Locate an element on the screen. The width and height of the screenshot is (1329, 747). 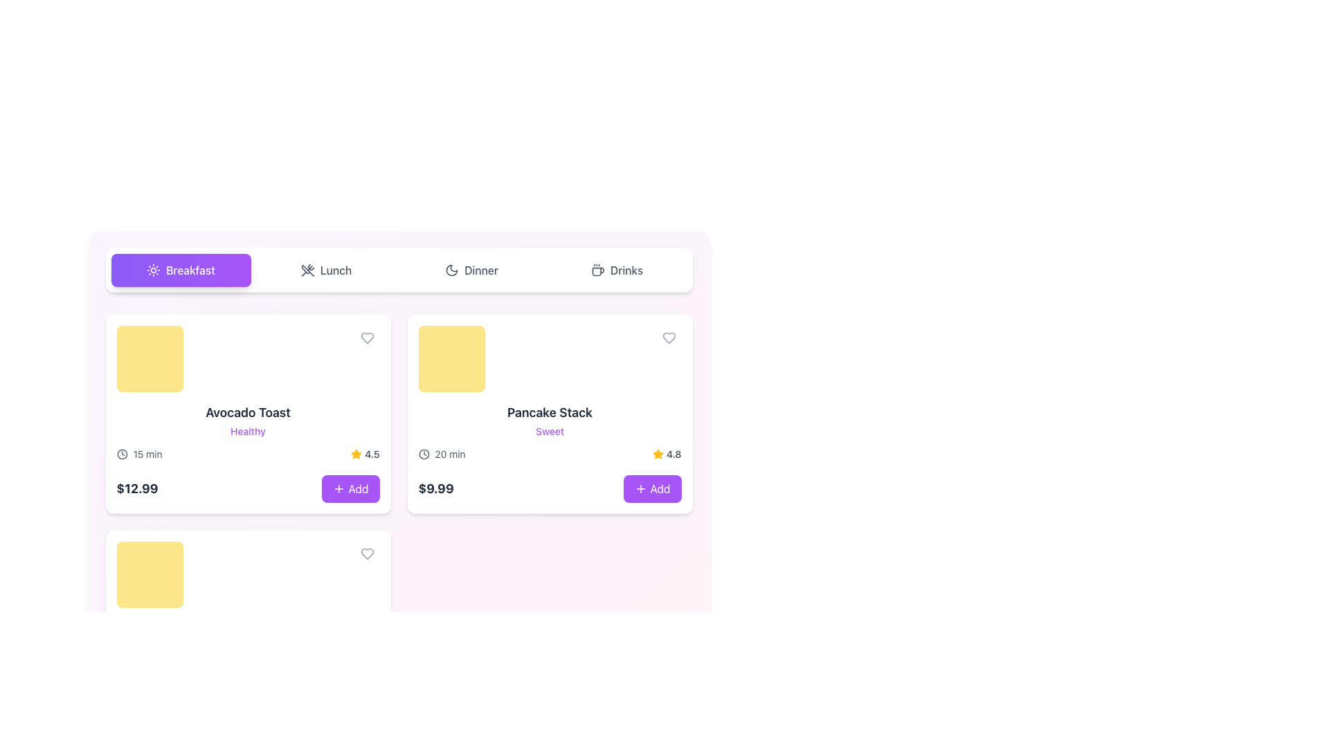
the favorite button located in the upper-right corner of the 'Avocado Toast' item card is located at coordinates (367, 338).